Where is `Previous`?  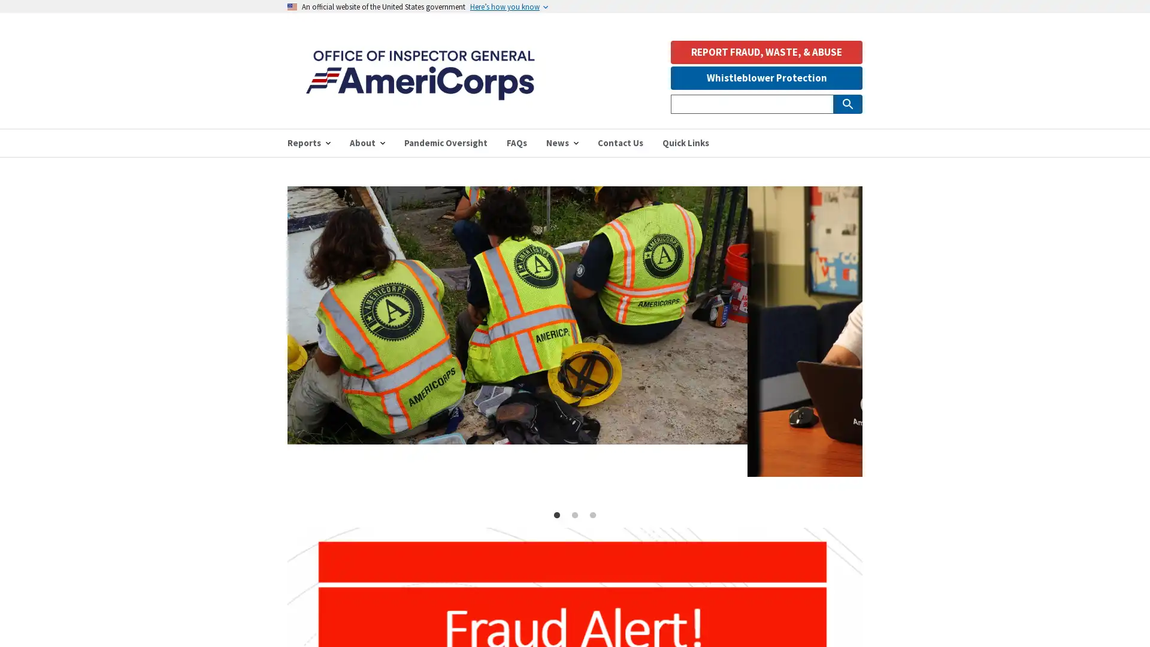
Previous is located at coordinates (293, 341).